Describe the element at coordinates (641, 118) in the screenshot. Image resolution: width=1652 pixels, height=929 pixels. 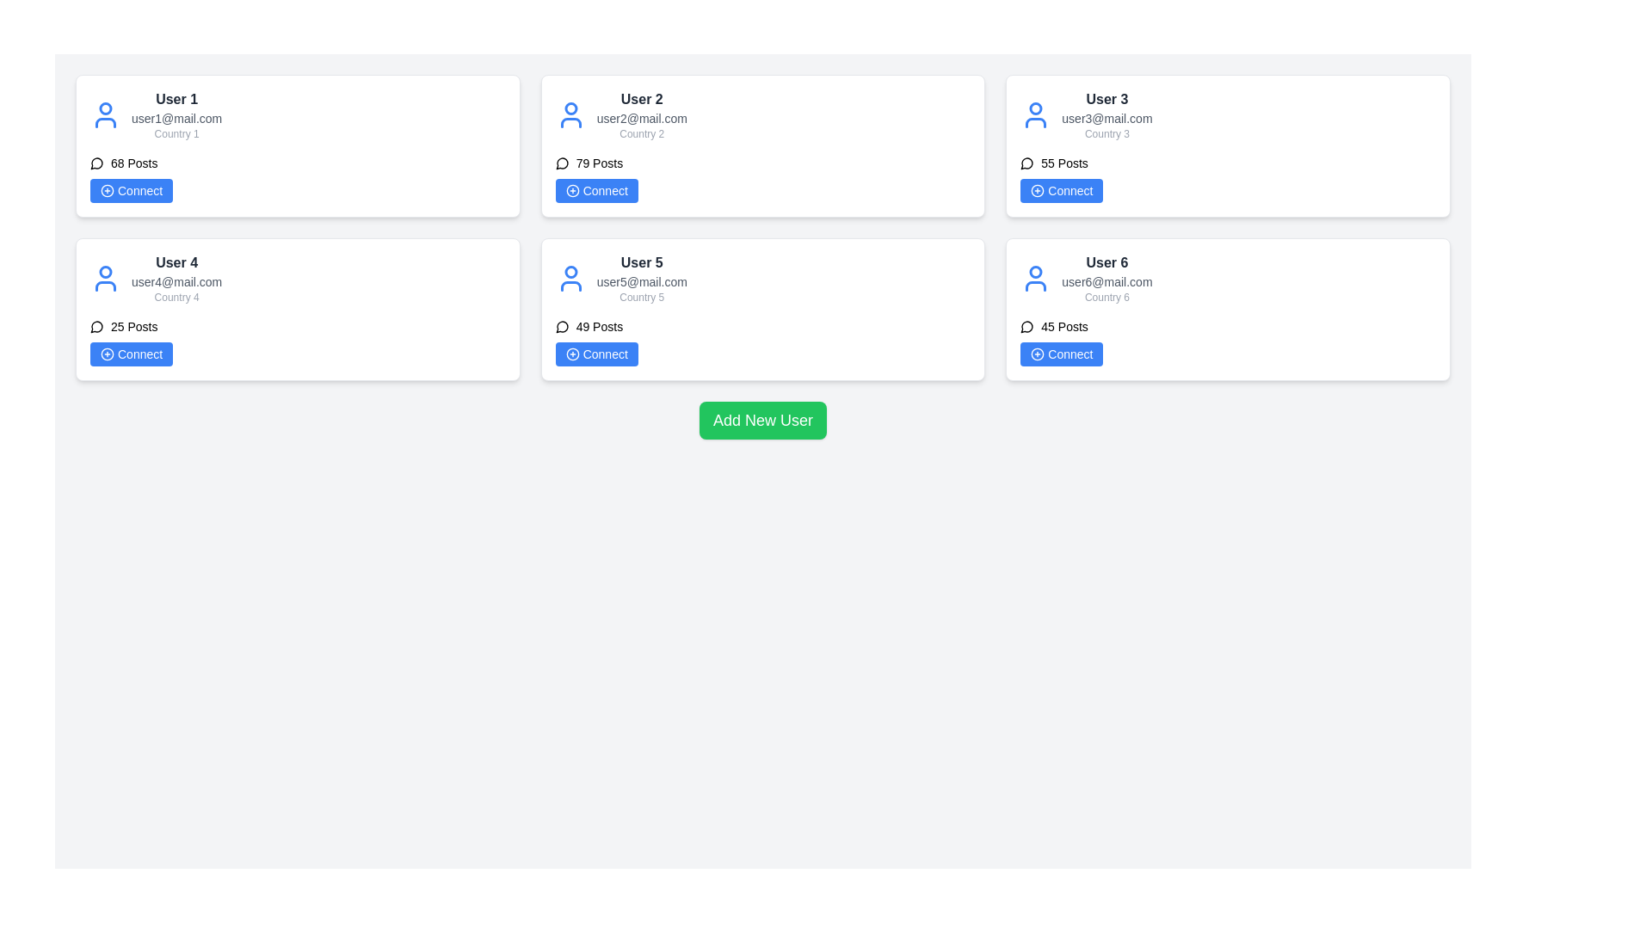
I see `the static text label displaying the email address 'user2@mail.com', which is styled with a small font size and gray color, located in the user detail card of 'User 2', positioned below the user's name and above their location` at that location.